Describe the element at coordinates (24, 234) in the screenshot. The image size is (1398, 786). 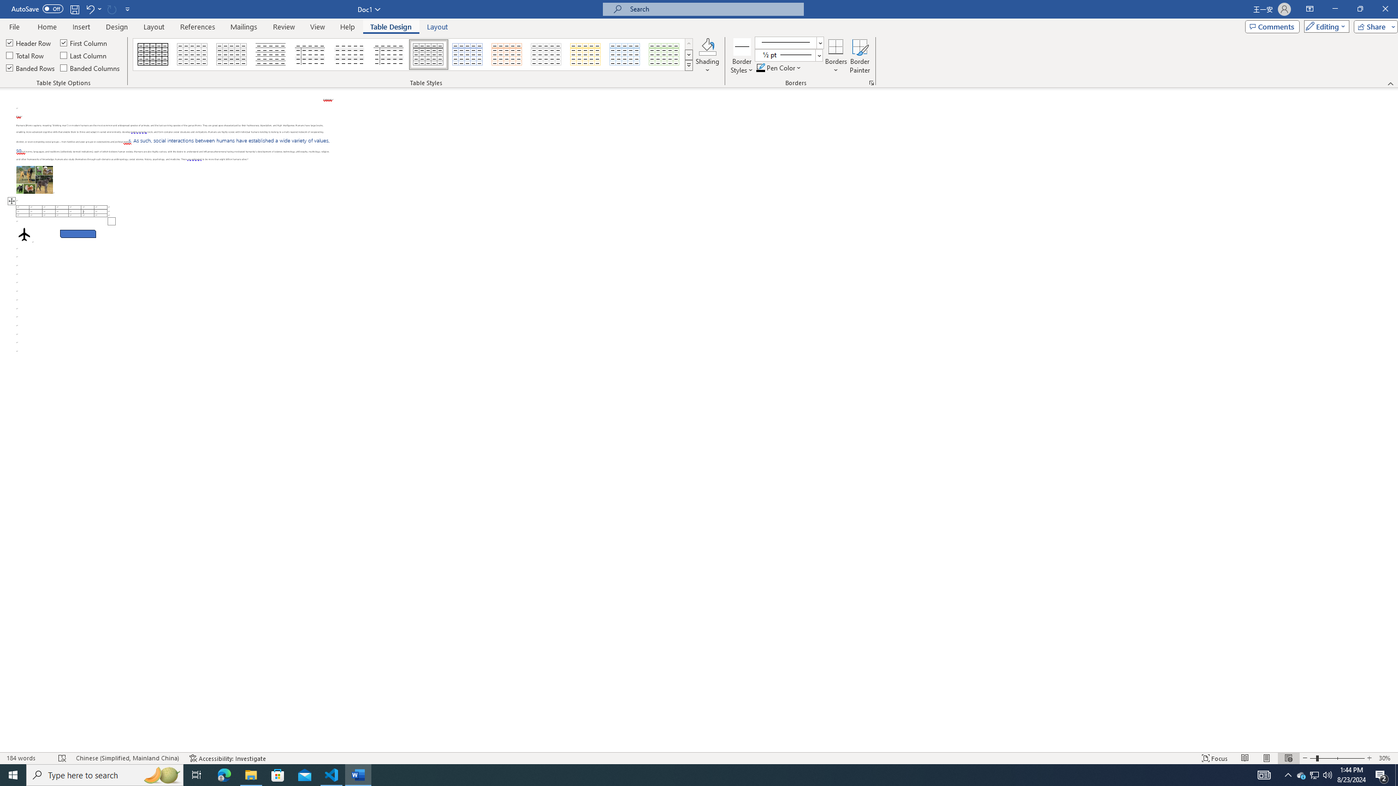
I see `'Airplane with solid fill'` at that location.